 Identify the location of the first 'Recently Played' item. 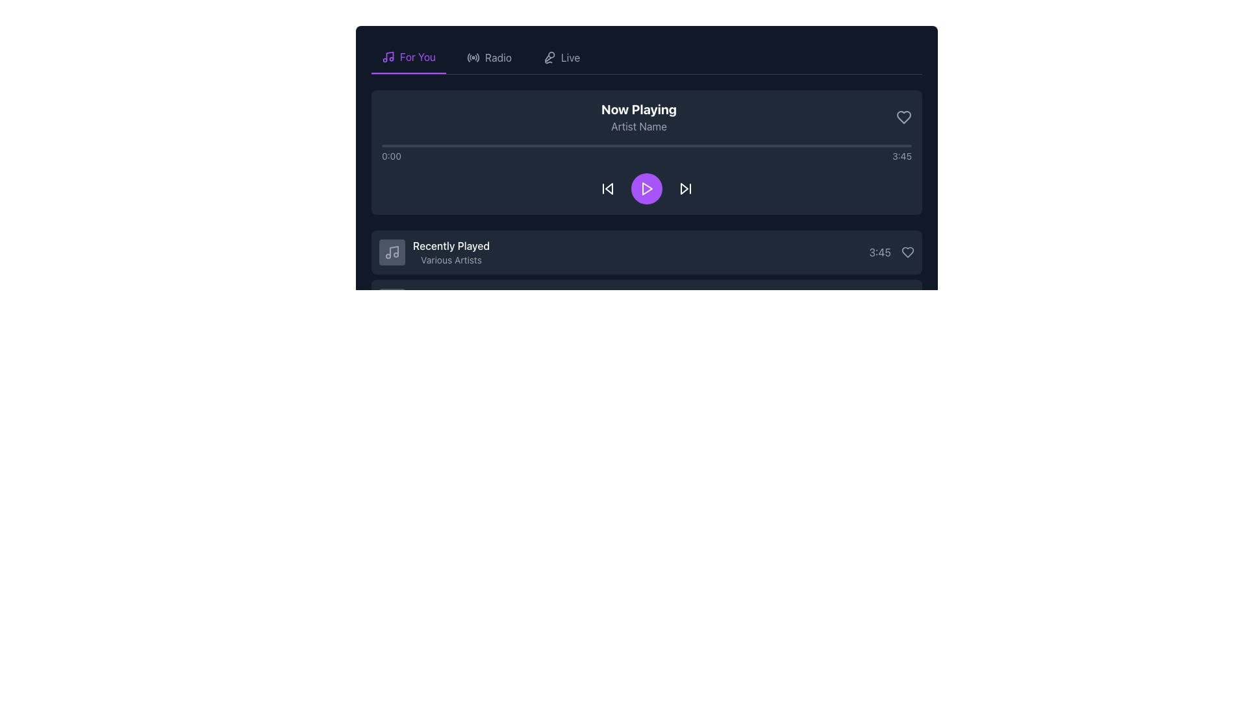
(647, 252).